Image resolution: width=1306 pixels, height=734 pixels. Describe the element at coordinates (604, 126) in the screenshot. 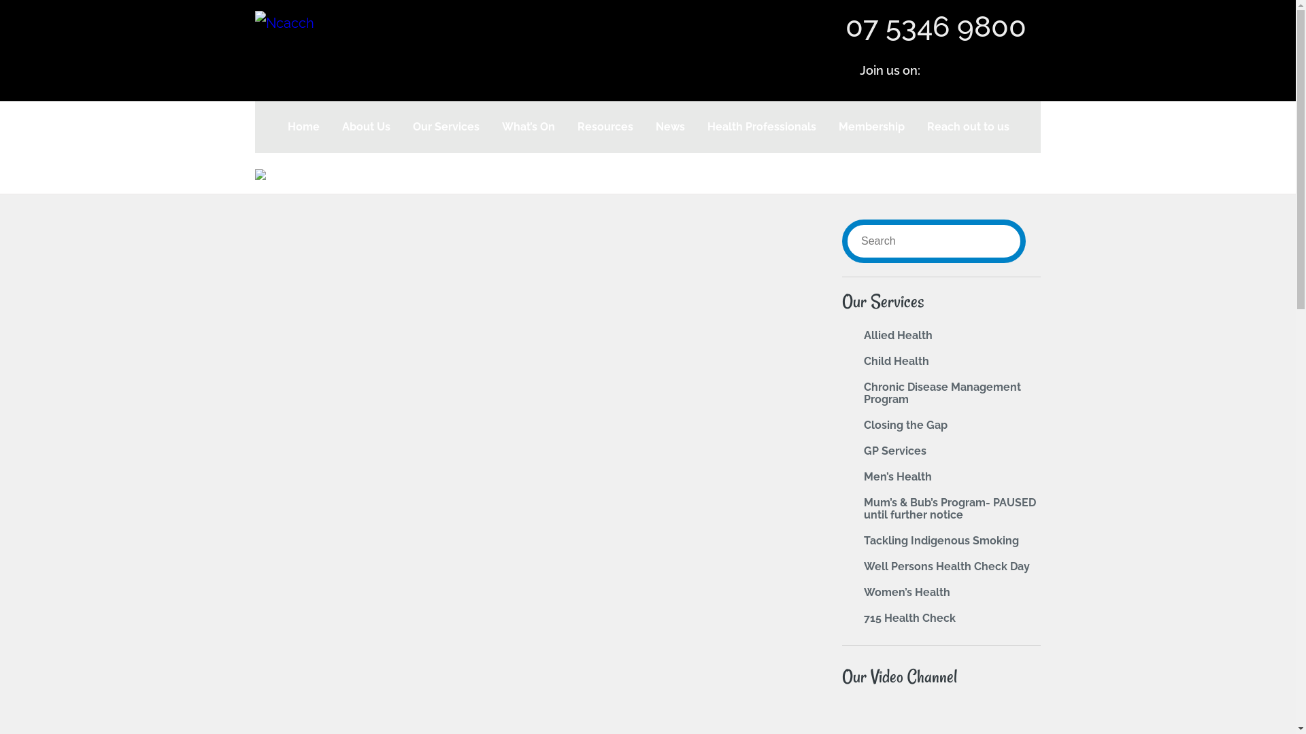

I see `'Resources'` at that location.